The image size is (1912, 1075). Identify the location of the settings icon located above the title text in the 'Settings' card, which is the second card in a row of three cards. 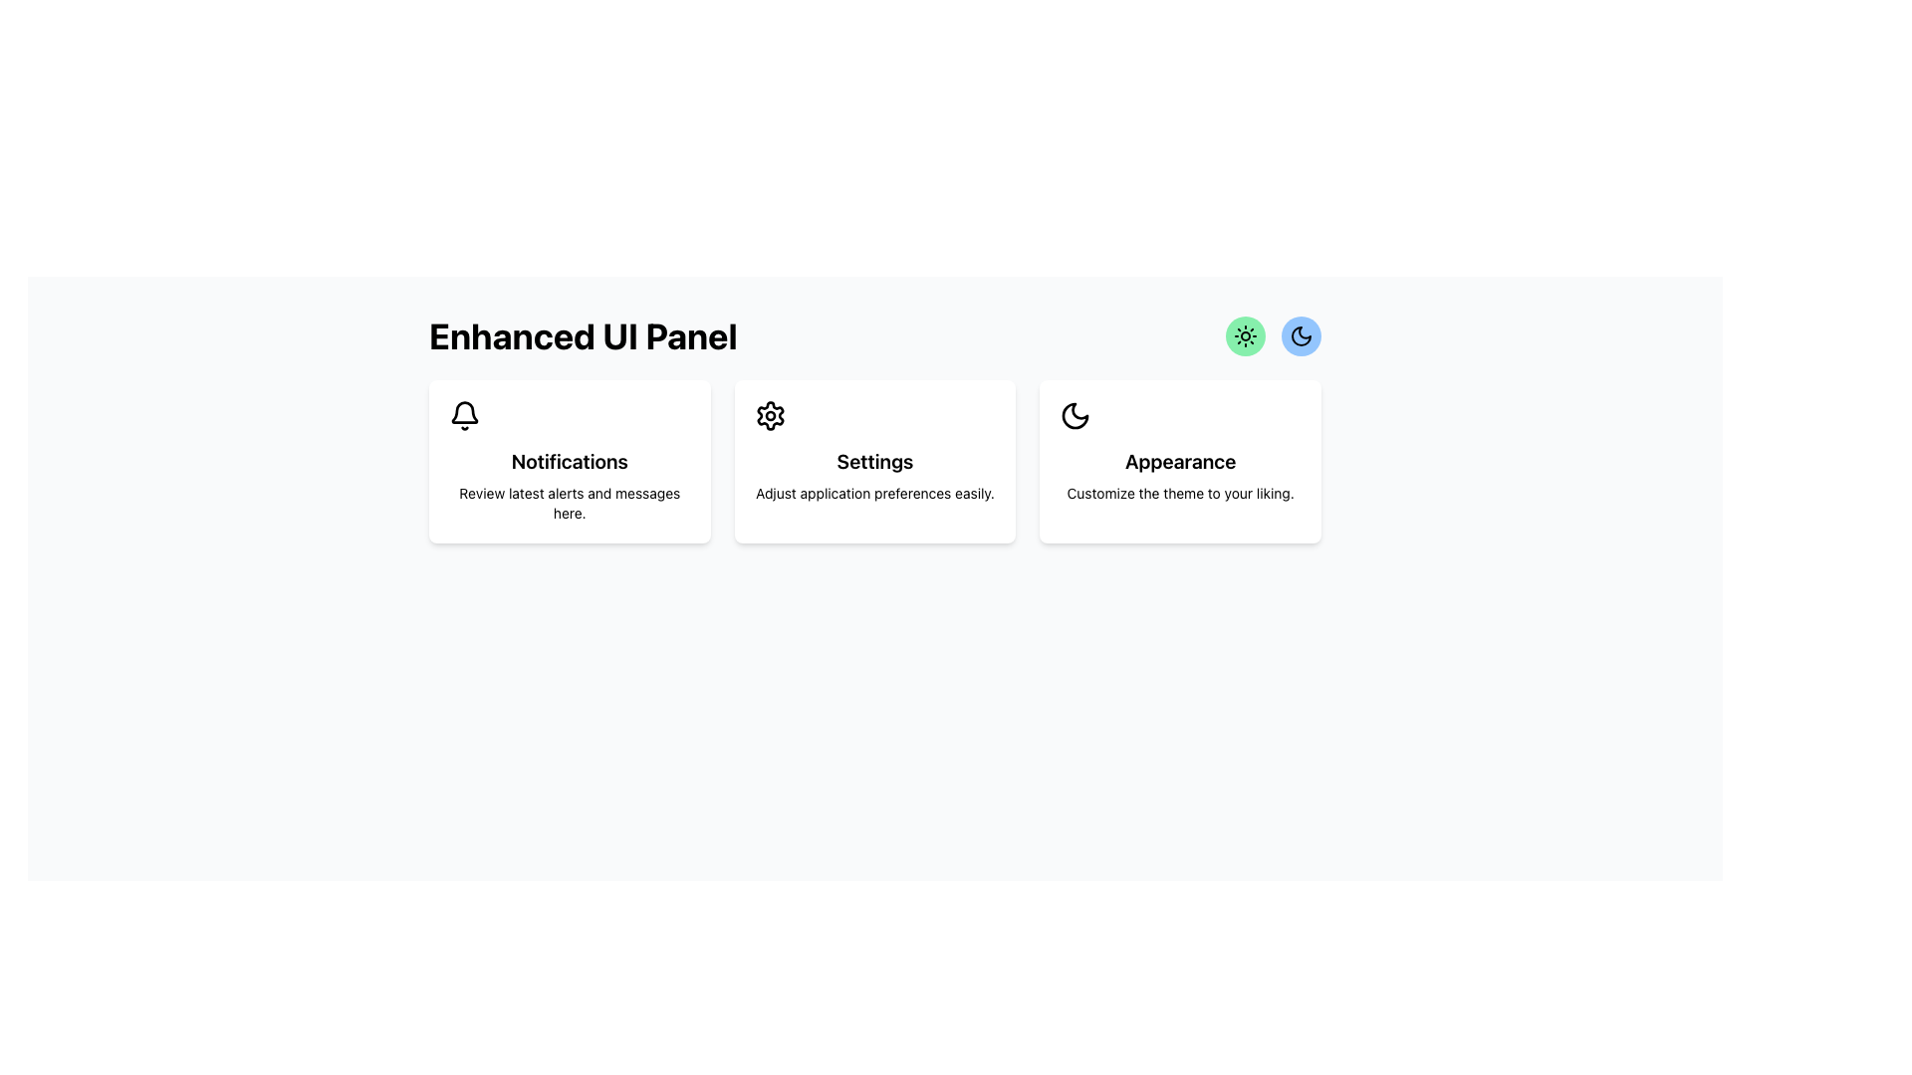
(769, 414).